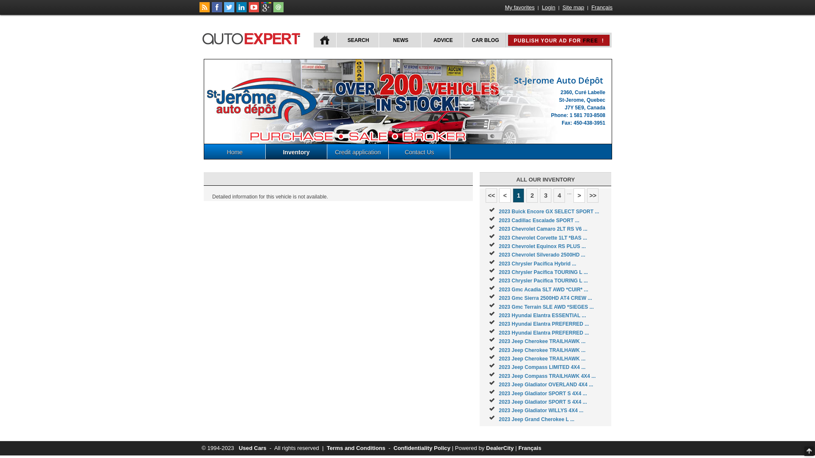 The image size is (815, 458). I want to click on '<<', so click(485, 195).